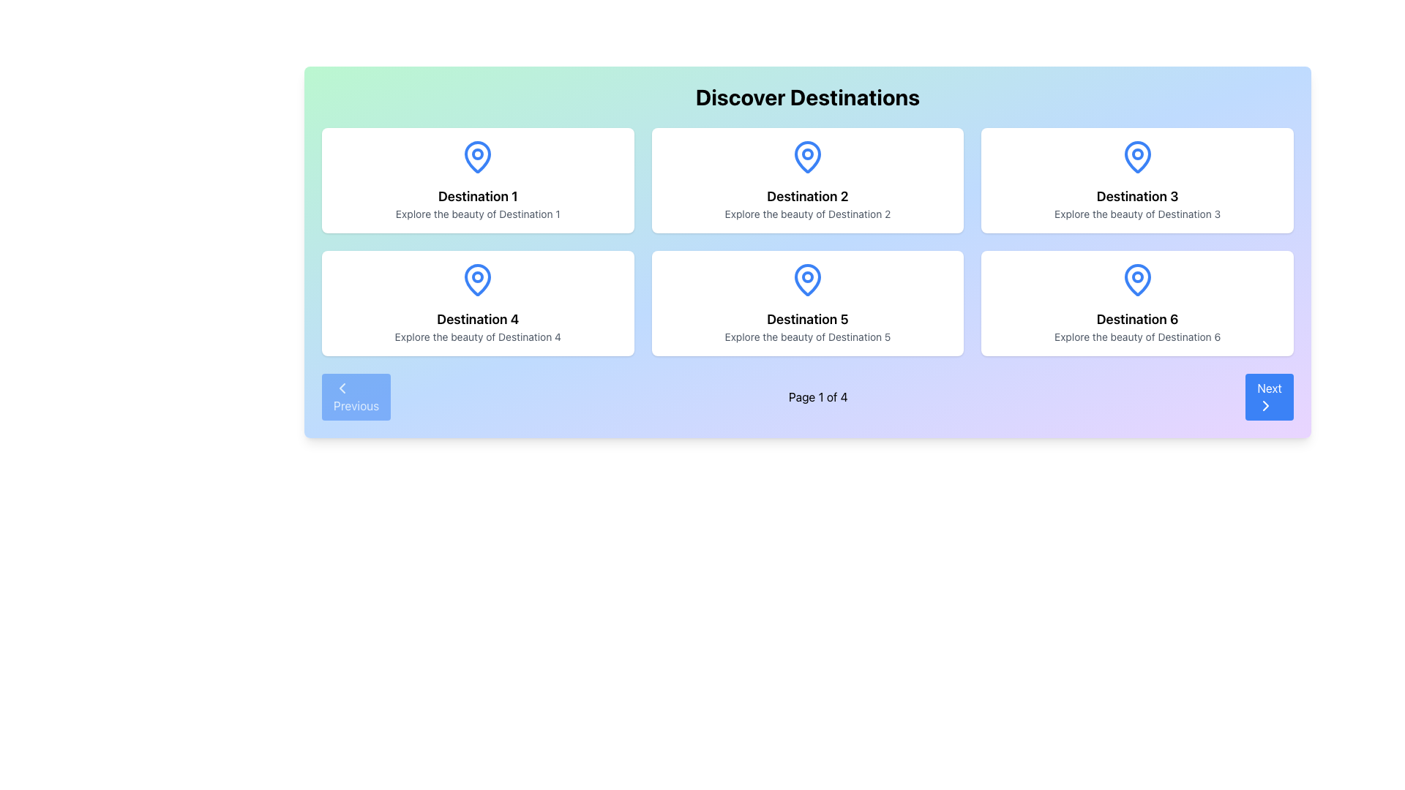  Describe the element at coordinates (1136, 214) in the screenshot. I see `the text label that reads 'Explore the beauty of Destination 3', located directly beneath the title 'Destination 3' in the top-right card of a 2x3 grid layout` at that location.